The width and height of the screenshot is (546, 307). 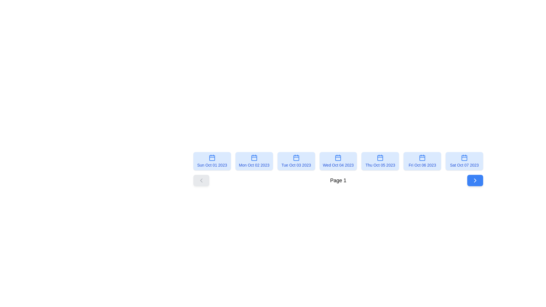 What do you see at coordinates (422, 158) in the screenshot?
I see `the calendar outline icon, which is the topmost icon in the fifth date-selection block from the left` at bounding box center [422, 158].